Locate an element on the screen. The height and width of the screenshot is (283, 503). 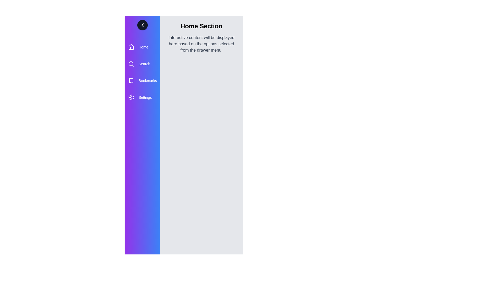
the menu item Home is located at coordinates (142, 47).